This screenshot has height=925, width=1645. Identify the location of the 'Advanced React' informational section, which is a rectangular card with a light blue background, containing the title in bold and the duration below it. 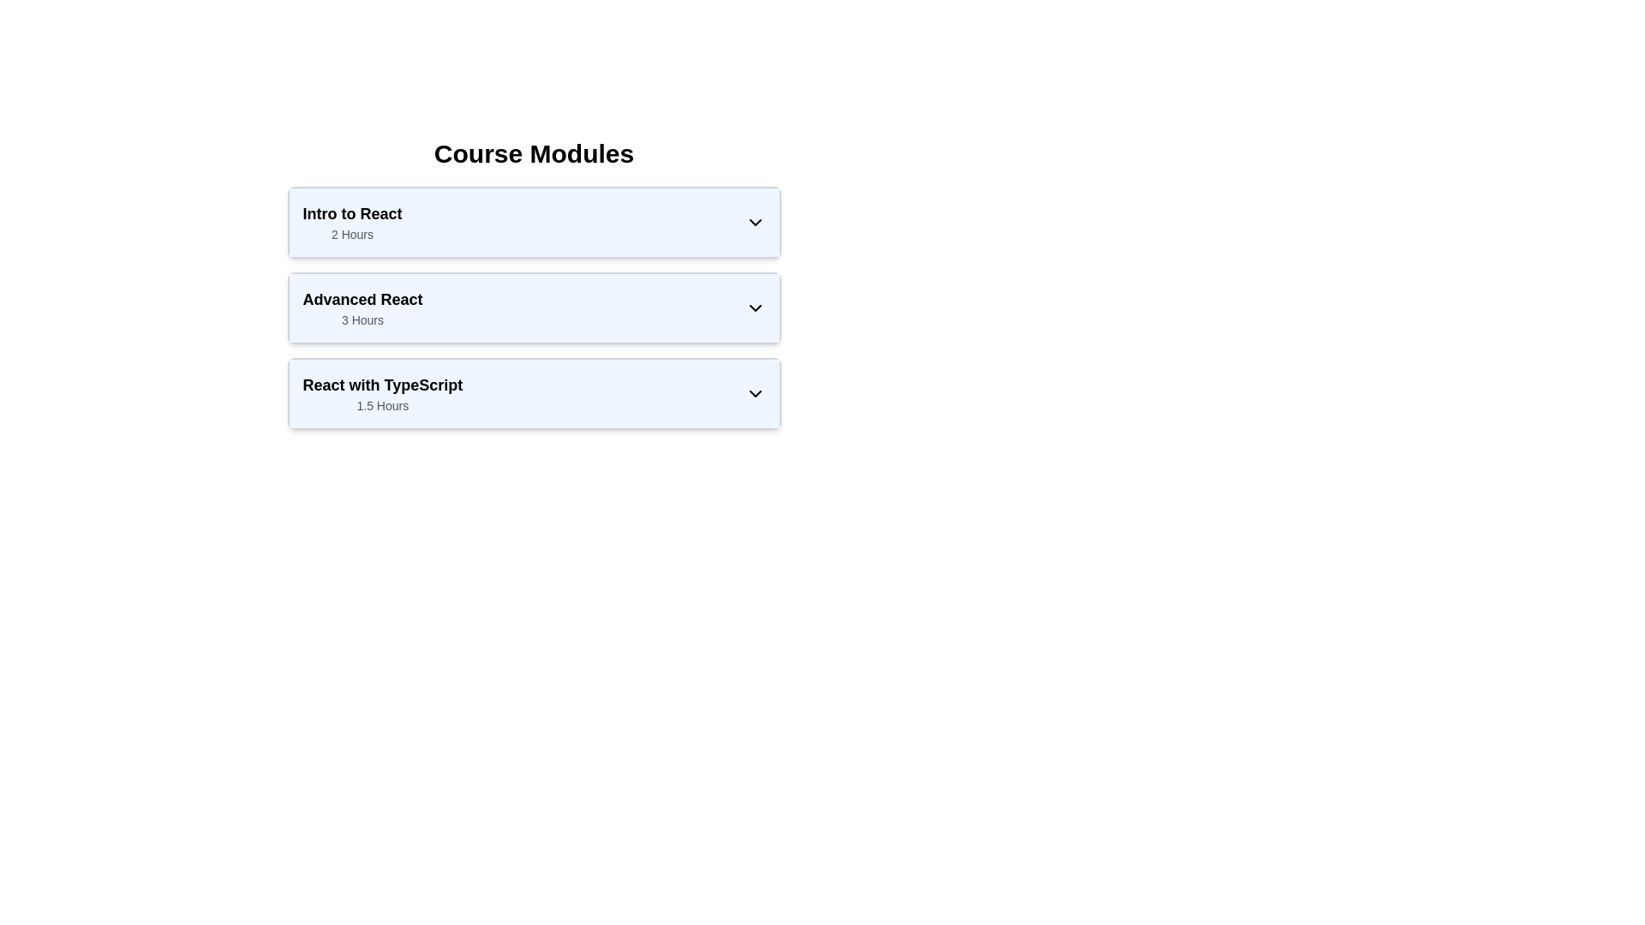
(533, 283).